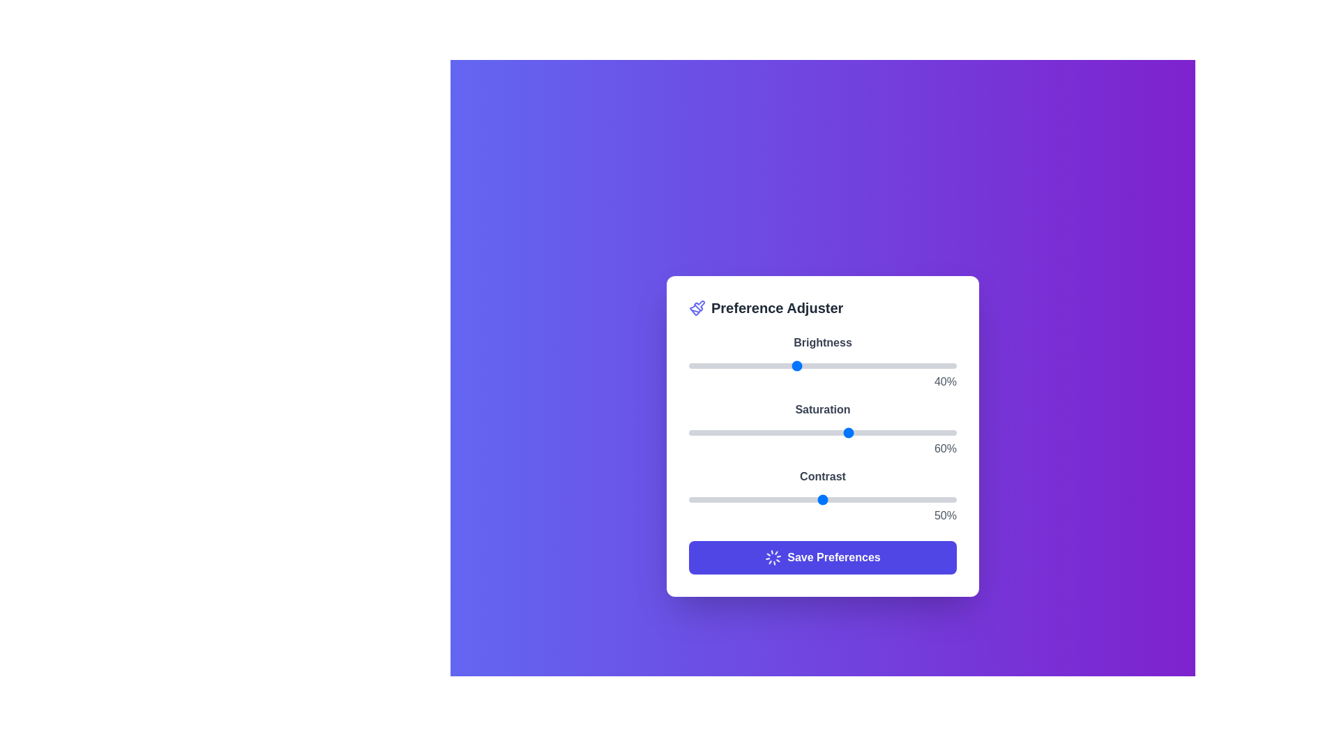 This screenshot has height=753, width=1339. Describe the element at coordinates (747, 499) in the screenshot. I see `the contrast slider to 22%` at that location.